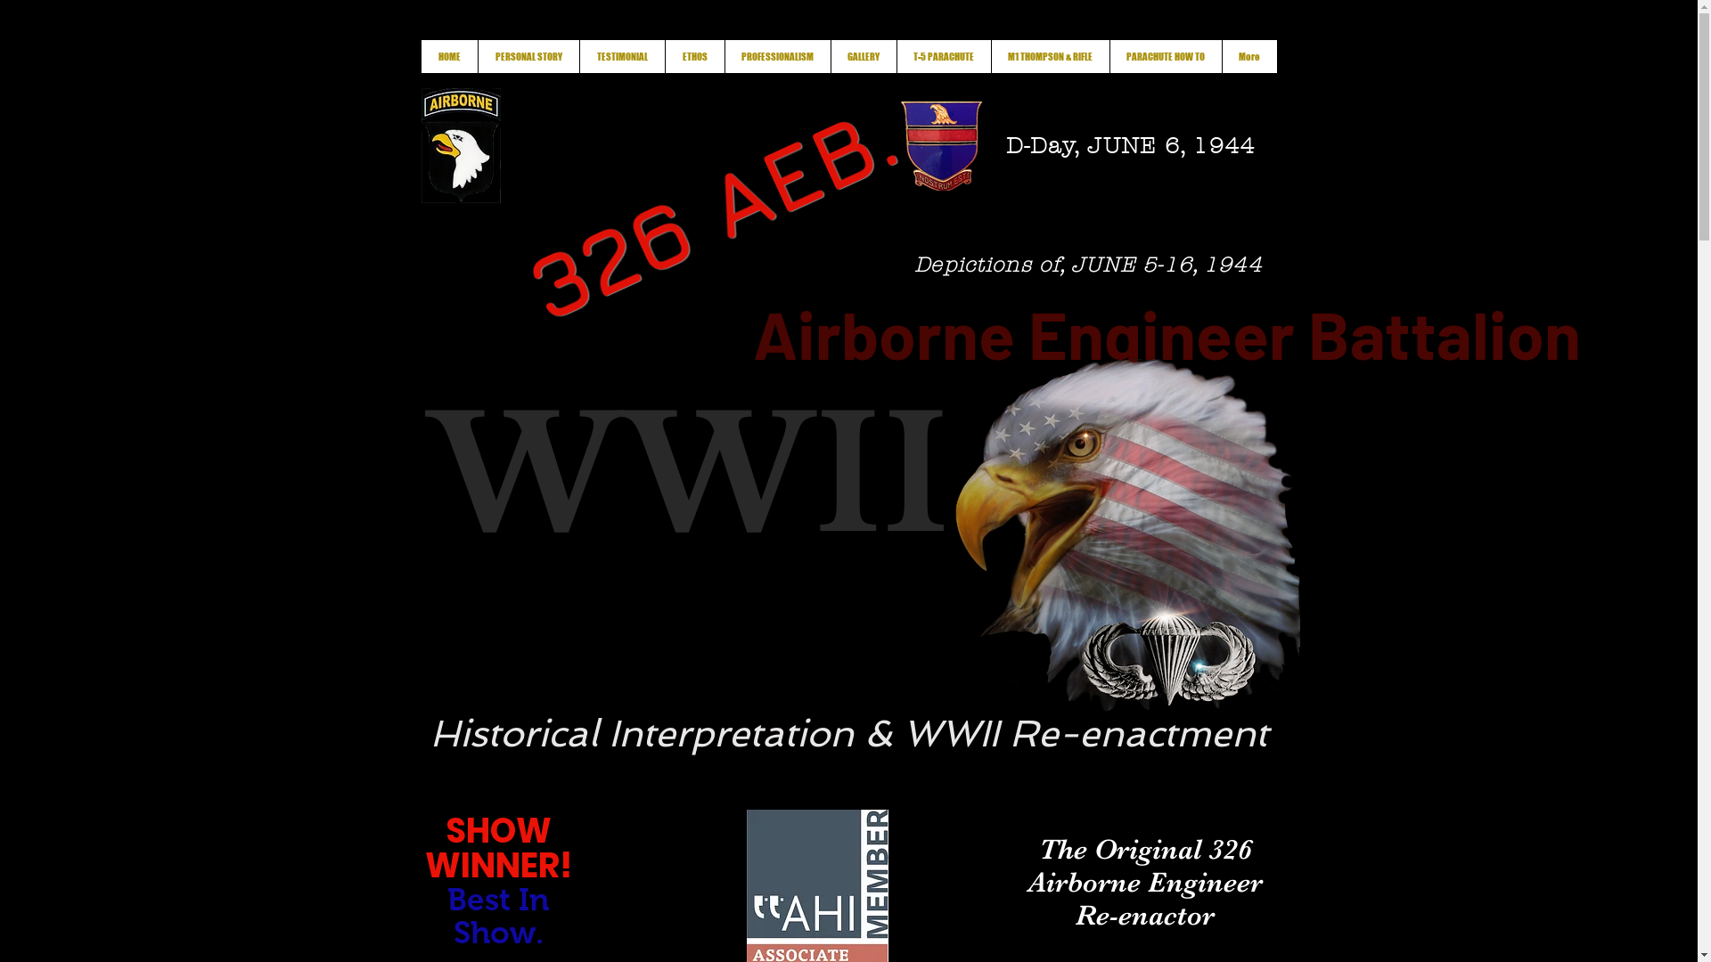 This screenshot has width=1711, height=962. What do you see at coordinates (693, 55) in the screenshot?
I see `'ETHOS'` at bounding box center [693, 55].